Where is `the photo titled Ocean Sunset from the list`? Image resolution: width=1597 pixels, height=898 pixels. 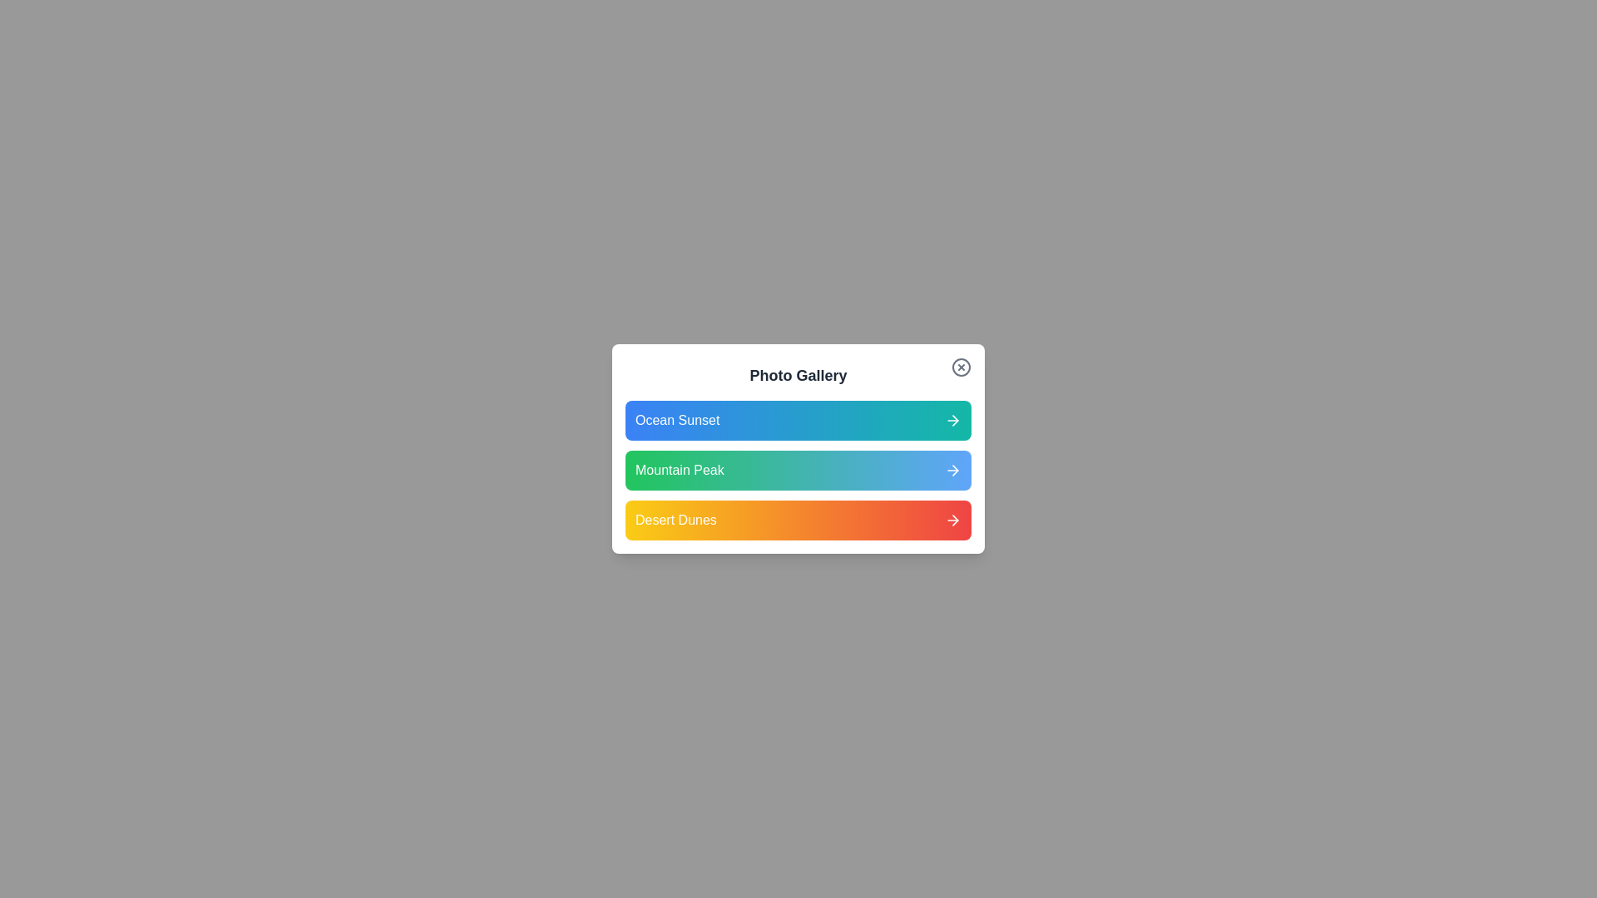
the photo titled Ocean Sunset from the list is located at coordinates (798, 419).